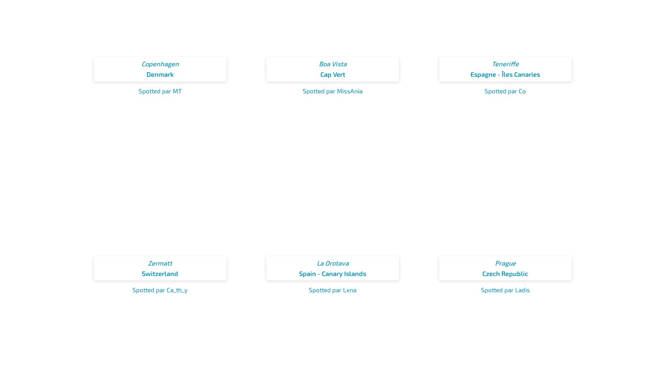  Describe the element at coordinates (505, 273) in the screenshot. I see `'Czech Republic'` at that location.